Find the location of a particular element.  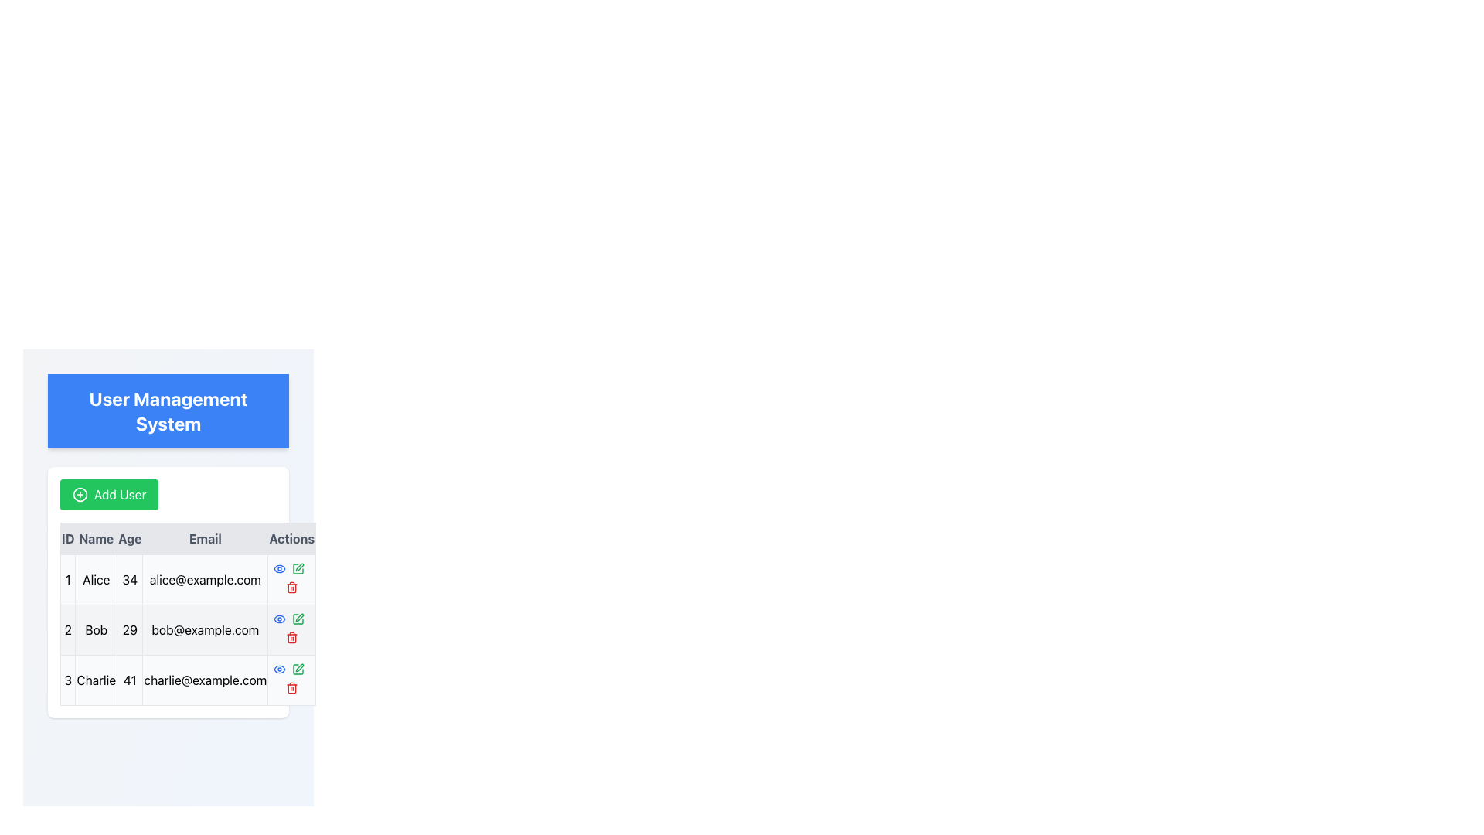

the small, blue-colored eye icon in the 'Actions' column of the second row corresponding to 'Bob' is located at coordinates (279, 569).